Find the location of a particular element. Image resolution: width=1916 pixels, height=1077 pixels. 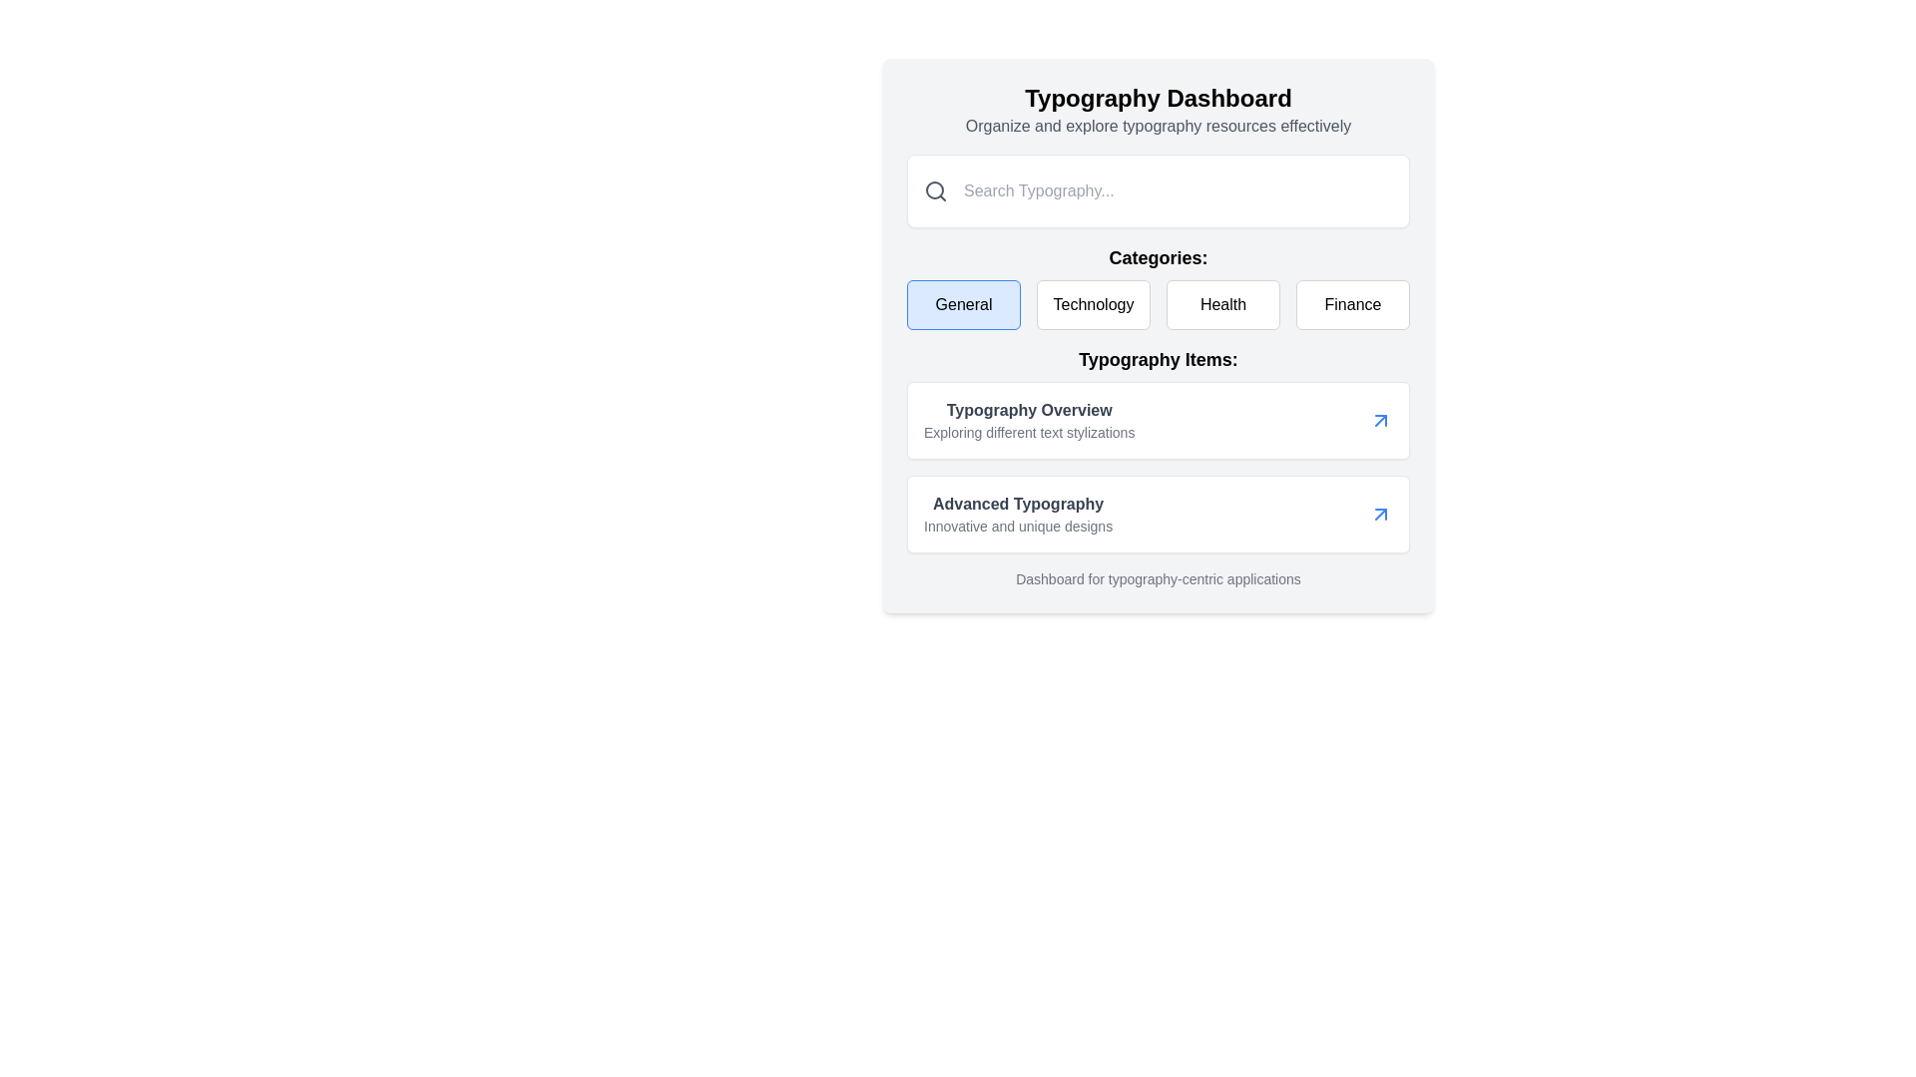

the non-interactive Text Label that provides additional context for the 'Typography Overview' heading, located in the 'Typography Items' section is located at coordinates (1029, 432).